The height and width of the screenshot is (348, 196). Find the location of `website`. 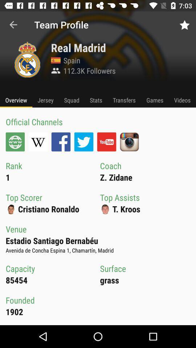

website is located at coordinates (15, 141).